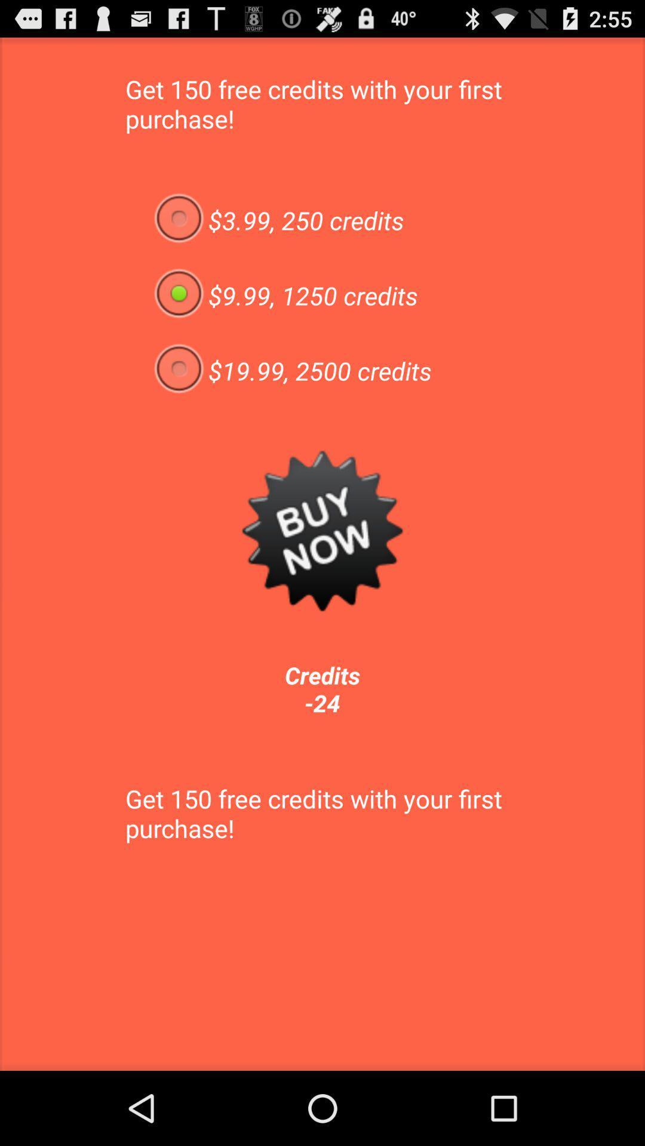 Image resolution: width=645 pixels, height=1146 pixels. I want to click on the radio button below the 19 99 2500 item, so click(322, 530).